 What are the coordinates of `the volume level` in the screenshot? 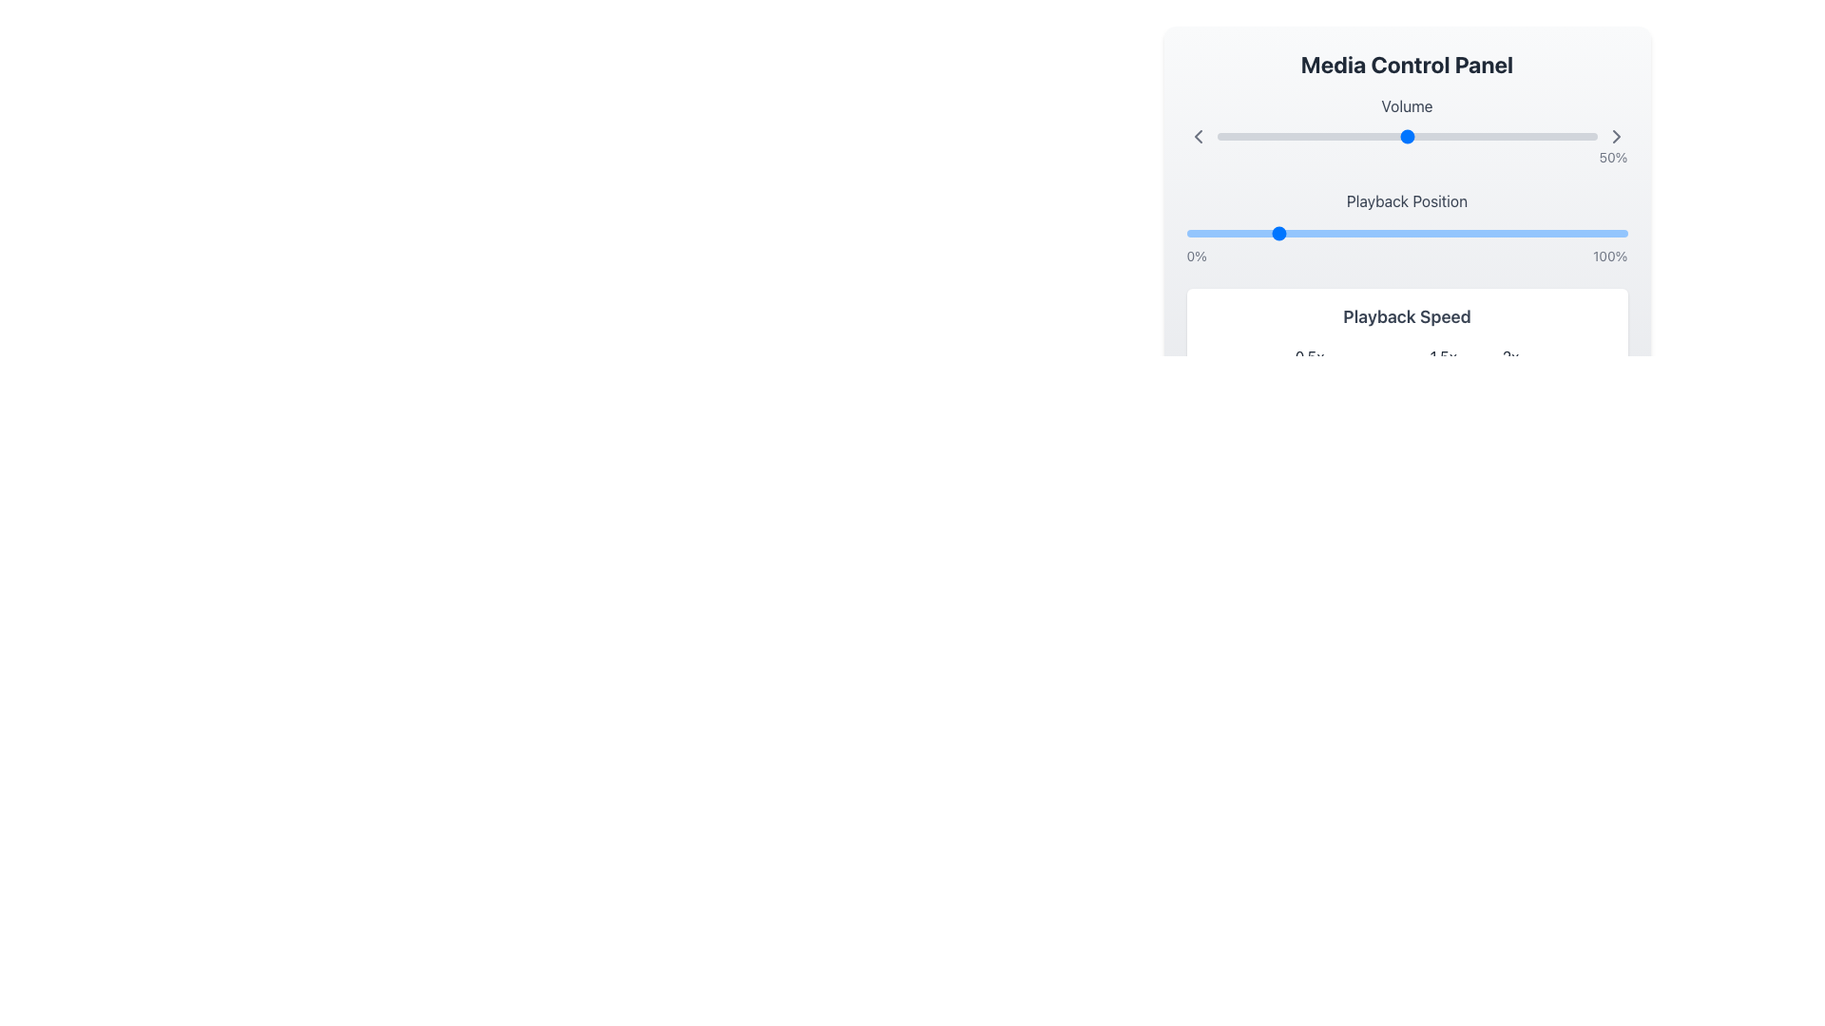 It's located at (1369, 135).